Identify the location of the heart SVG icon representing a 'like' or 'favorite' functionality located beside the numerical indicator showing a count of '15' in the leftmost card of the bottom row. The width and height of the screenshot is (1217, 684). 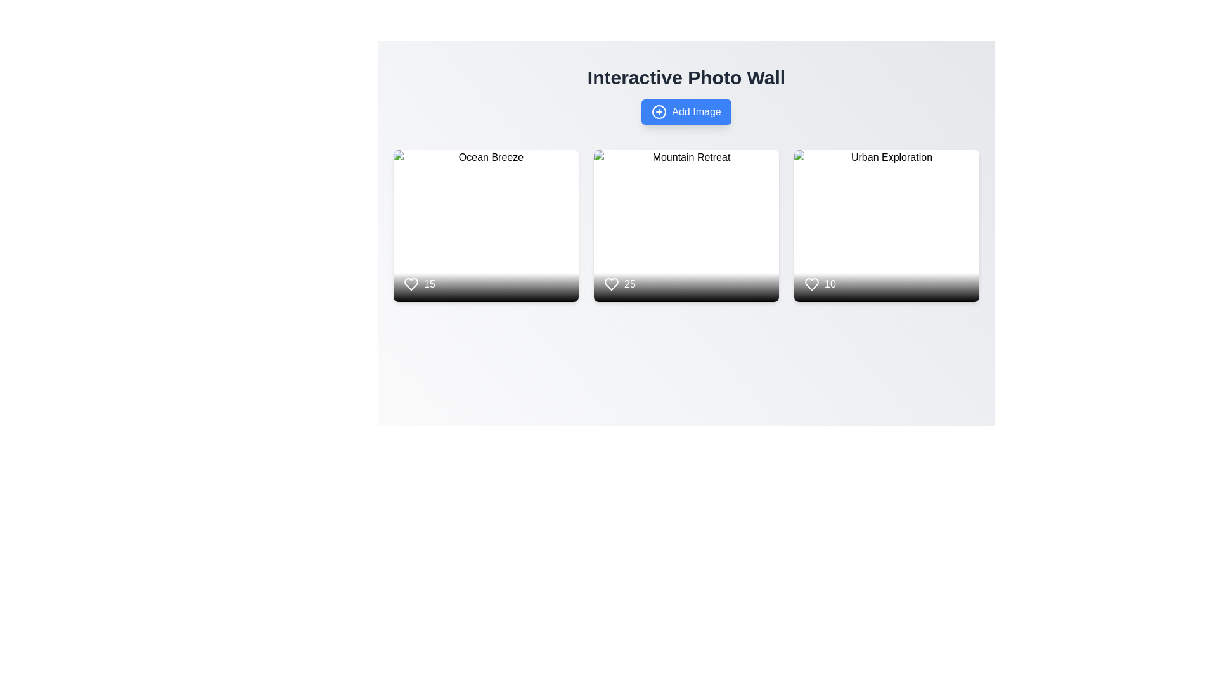
(411, 283).